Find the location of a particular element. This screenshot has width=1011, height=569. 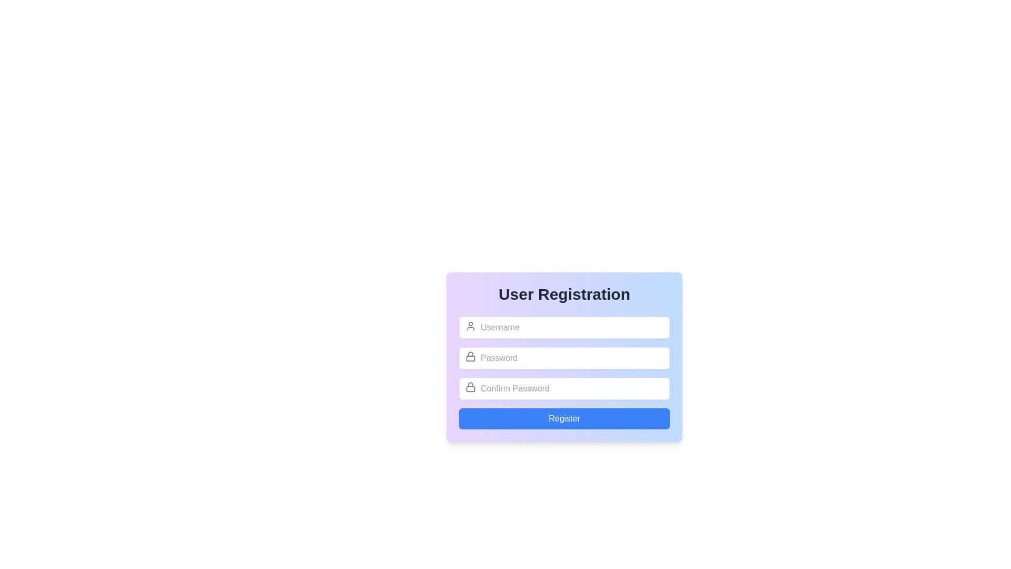

the Header text element that serves as the title for the registration form, which is positioned at the top of the card layout is located at coordinates (563, 295).